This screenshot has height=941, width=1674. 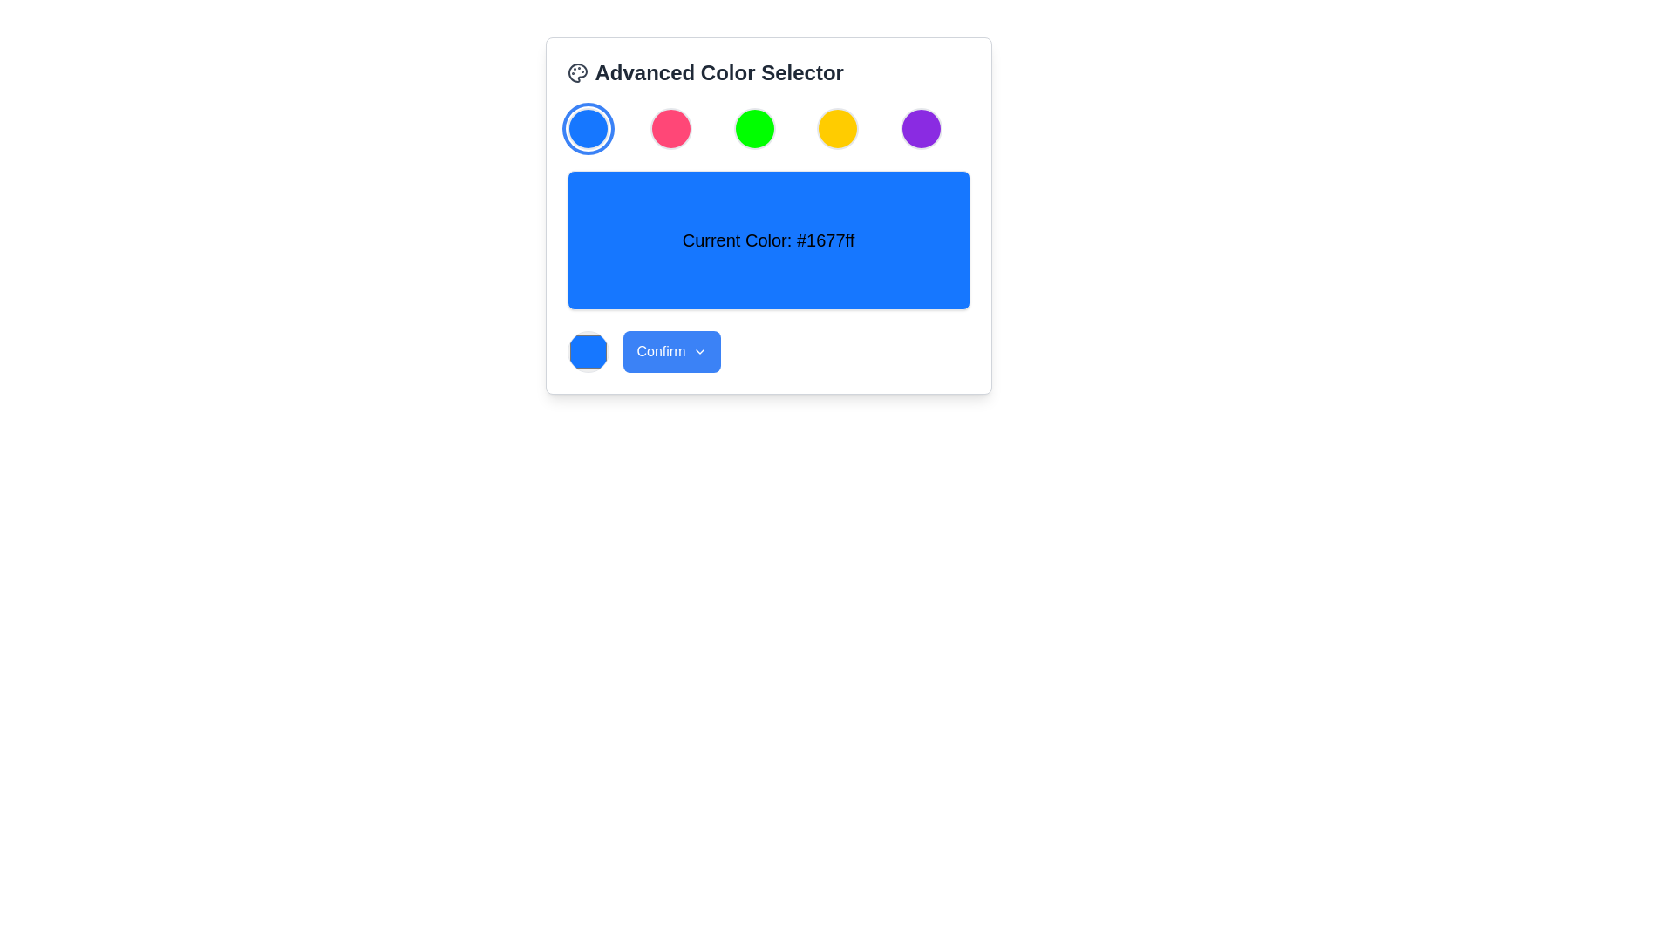 What do you see at coordinates (920, 127) in the screenshot?
I see `the rightmost button in the row of color selection options in the 'Advanced Color Selector' section to observe the scaling effect` at bounding box center [920, 127].